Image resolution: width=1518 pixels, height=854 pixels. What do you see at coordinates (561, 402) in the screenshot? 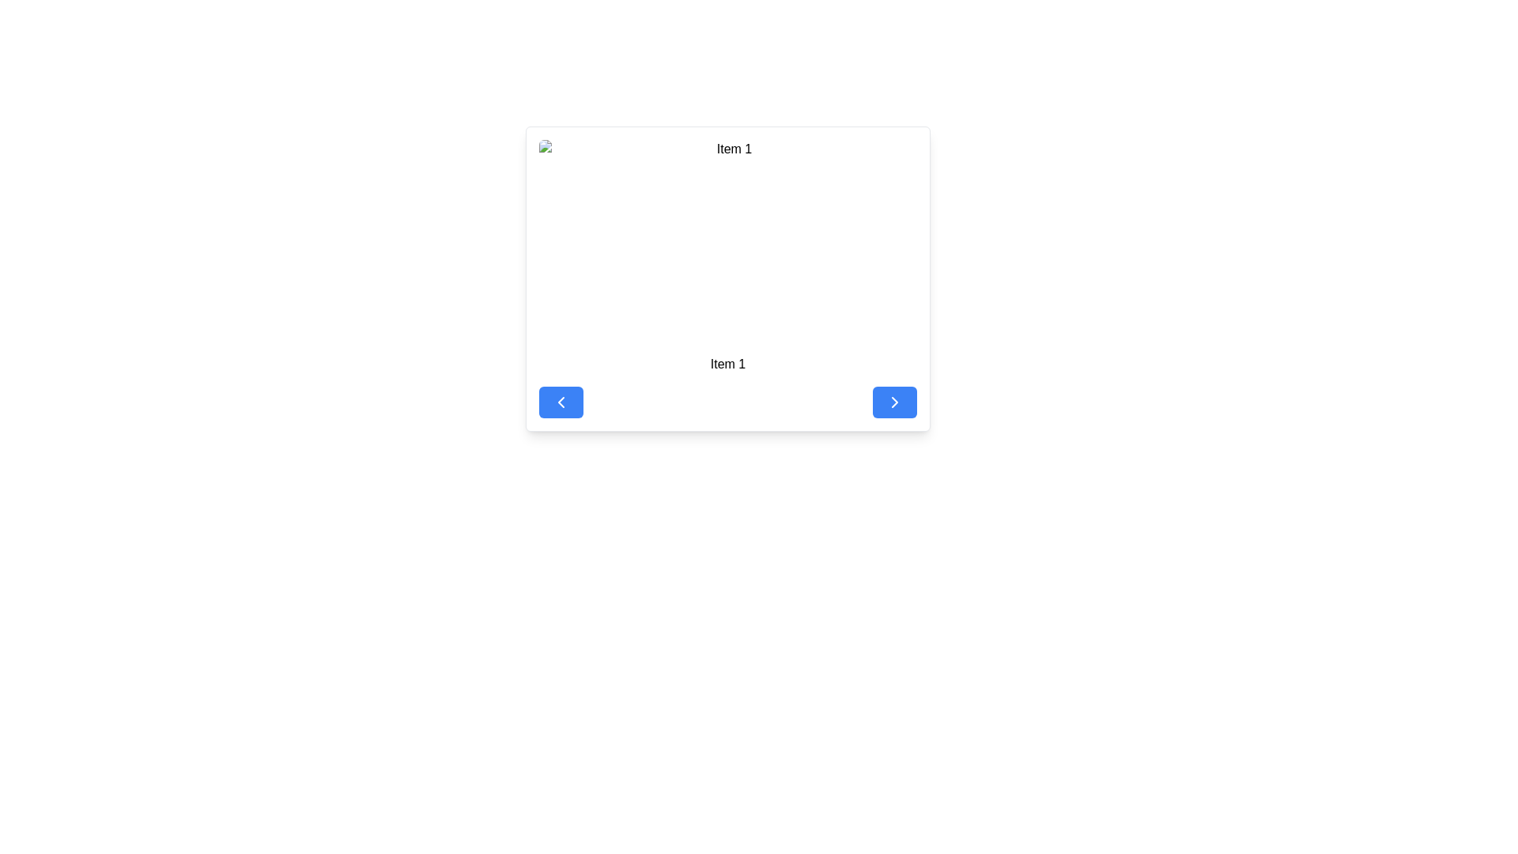
I see `the left-pointing arrow icon, which resembles a chevron or triangle-point arrowhead, located within the blue button box at the bottom-left corner of the layout` at bounding box center [561, 402].